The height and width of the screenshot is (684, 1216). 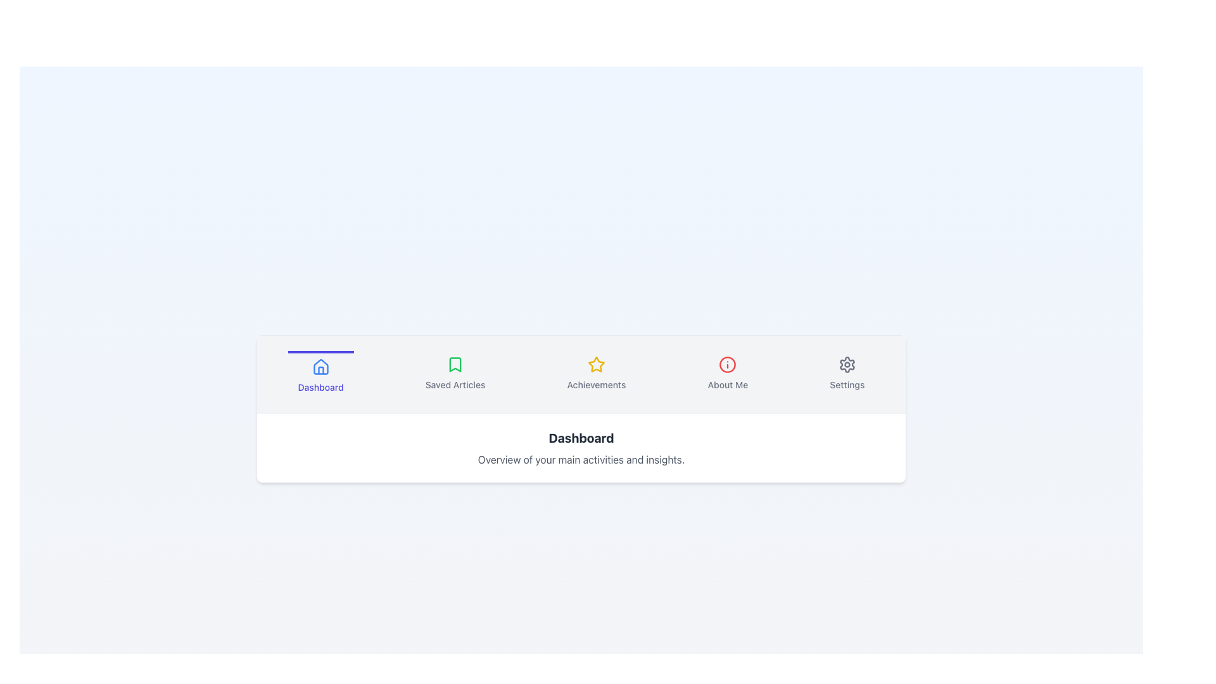 What do you see at coordinates (847, 364) in the screenshot?
I see `the 'Settings' gear icon located in the 'Settings' section above the 'Settings' text label in the navigation area` at bounding box center [847, 364].